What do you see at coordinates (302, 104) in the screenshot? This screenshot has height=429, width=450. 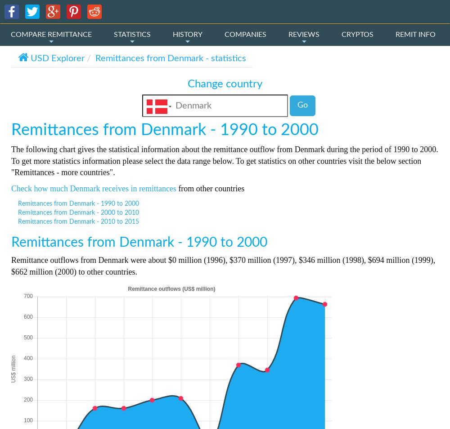 I see `'Go'` at bounding box center [302, 104].